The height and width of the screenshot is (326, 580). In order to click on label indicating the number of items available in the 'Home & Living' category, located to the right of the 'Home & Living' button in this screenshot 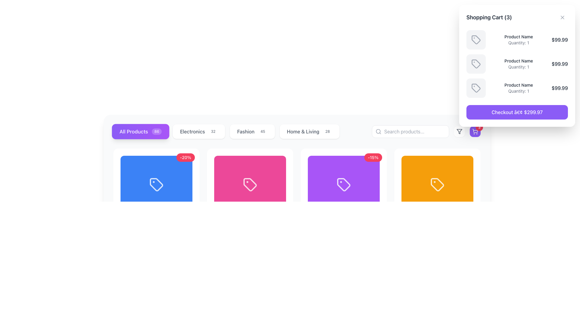, I will do `click(327, 131)`.